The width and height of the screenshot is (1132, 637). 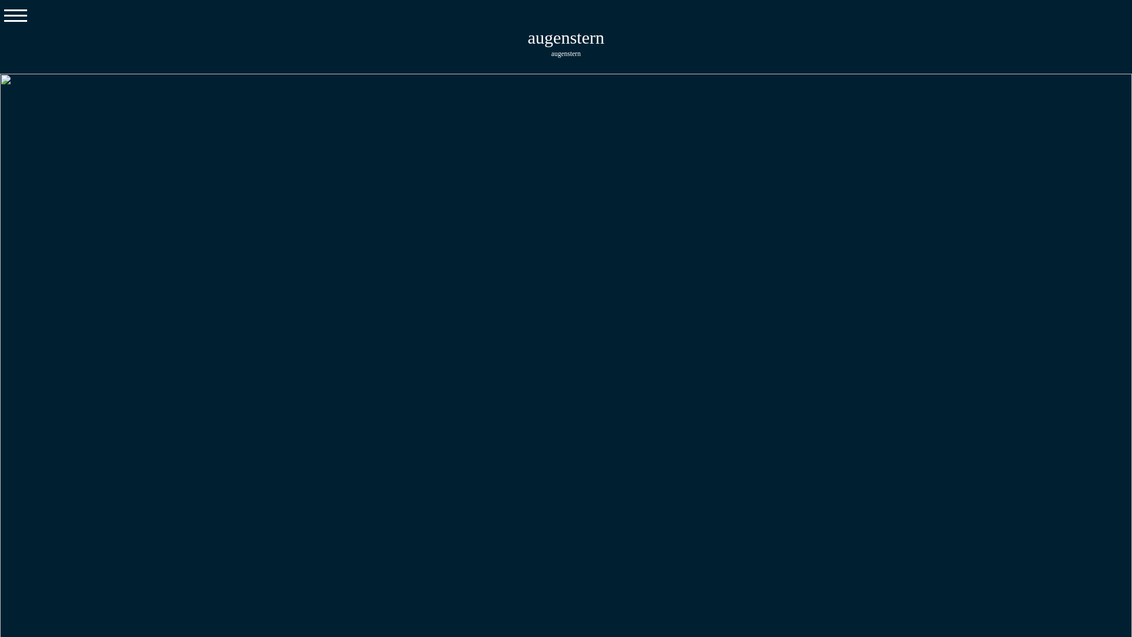 I want to click on 'augenstern', so click(x=566, y=52).